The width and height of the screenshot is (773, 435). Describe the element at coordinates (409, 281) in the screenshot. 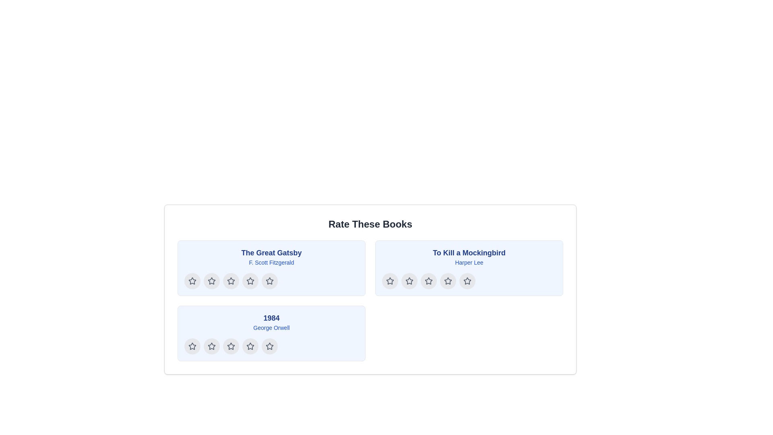

I see `the second star icon for rating below the title 'To Kill a Mockingbird' on the right card in the book ratings grid` at that location.